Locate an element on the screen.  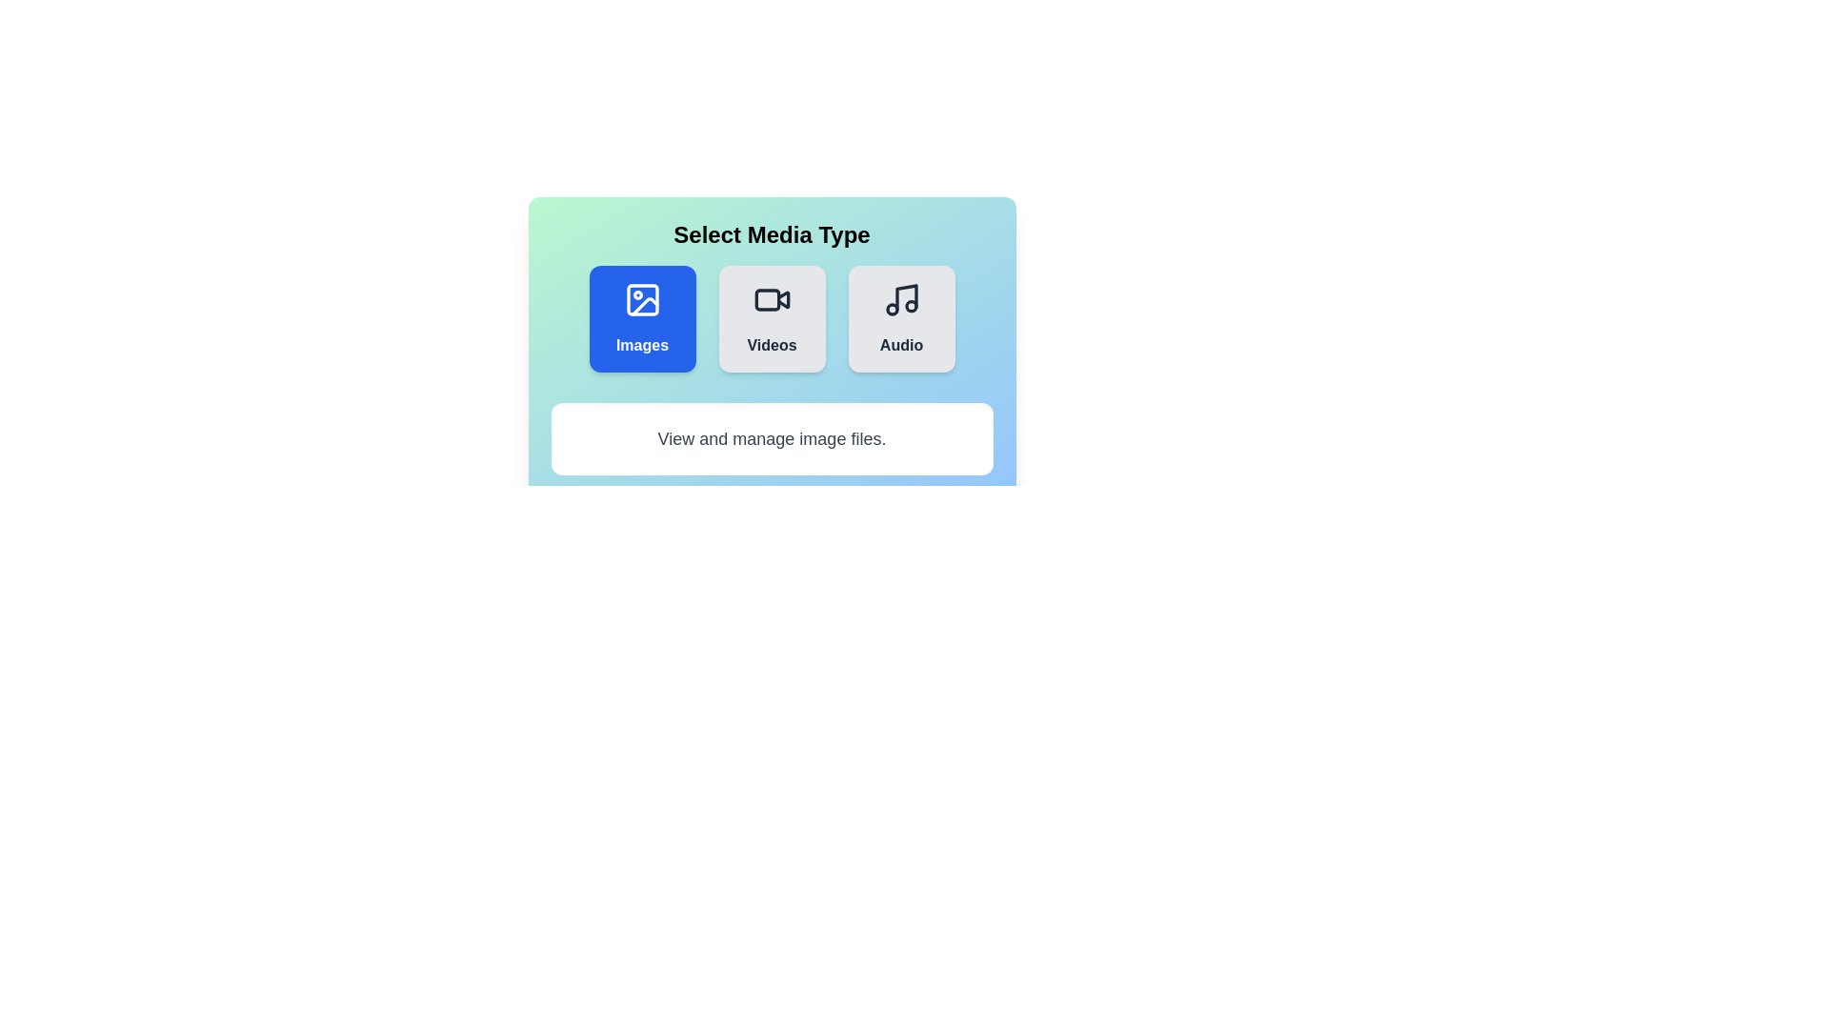
the Audio button to view its hover effect is located at coordinates (900, 318).